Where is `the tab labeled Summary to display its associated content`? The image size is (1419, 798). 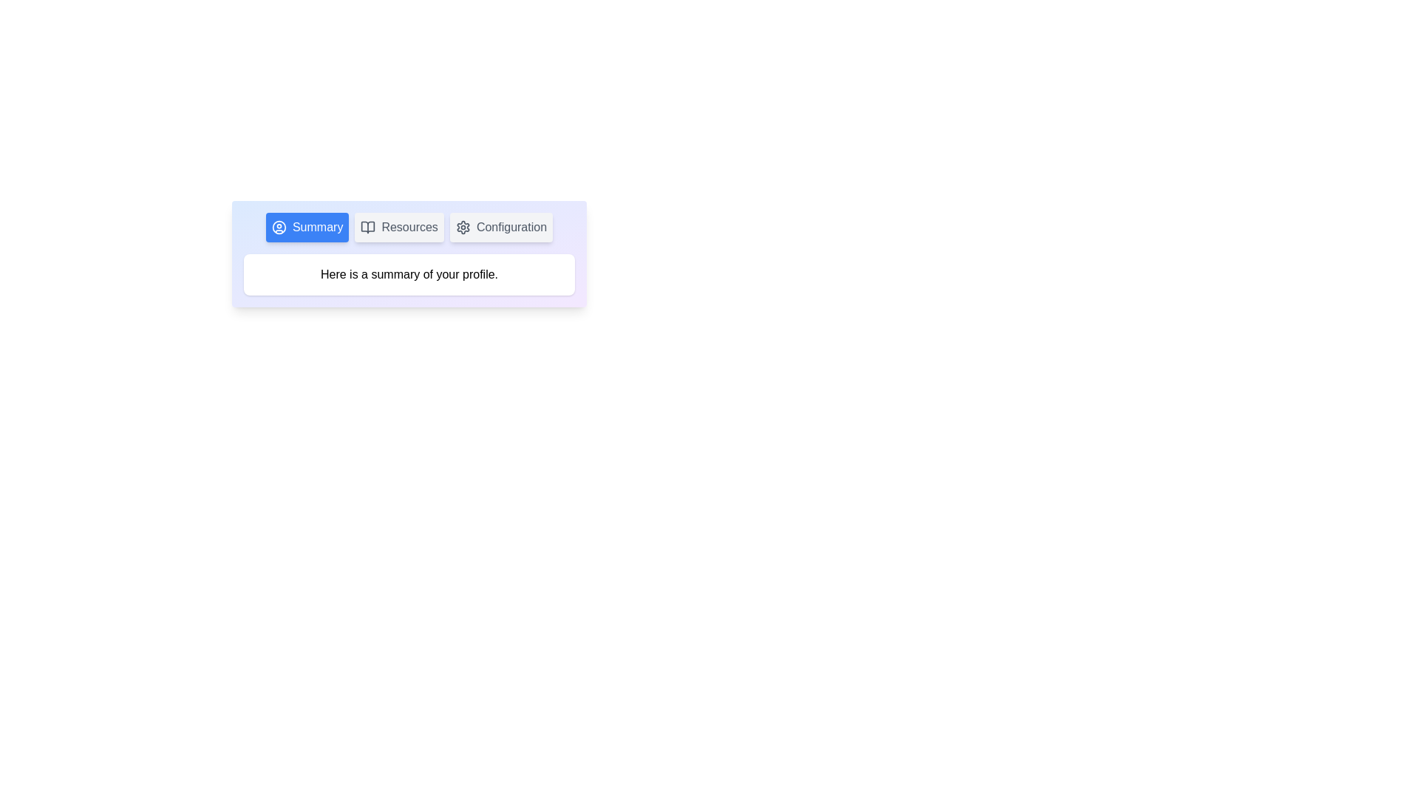 the tab labeled Summary to display its associated content is located at coordinates (307, 228).